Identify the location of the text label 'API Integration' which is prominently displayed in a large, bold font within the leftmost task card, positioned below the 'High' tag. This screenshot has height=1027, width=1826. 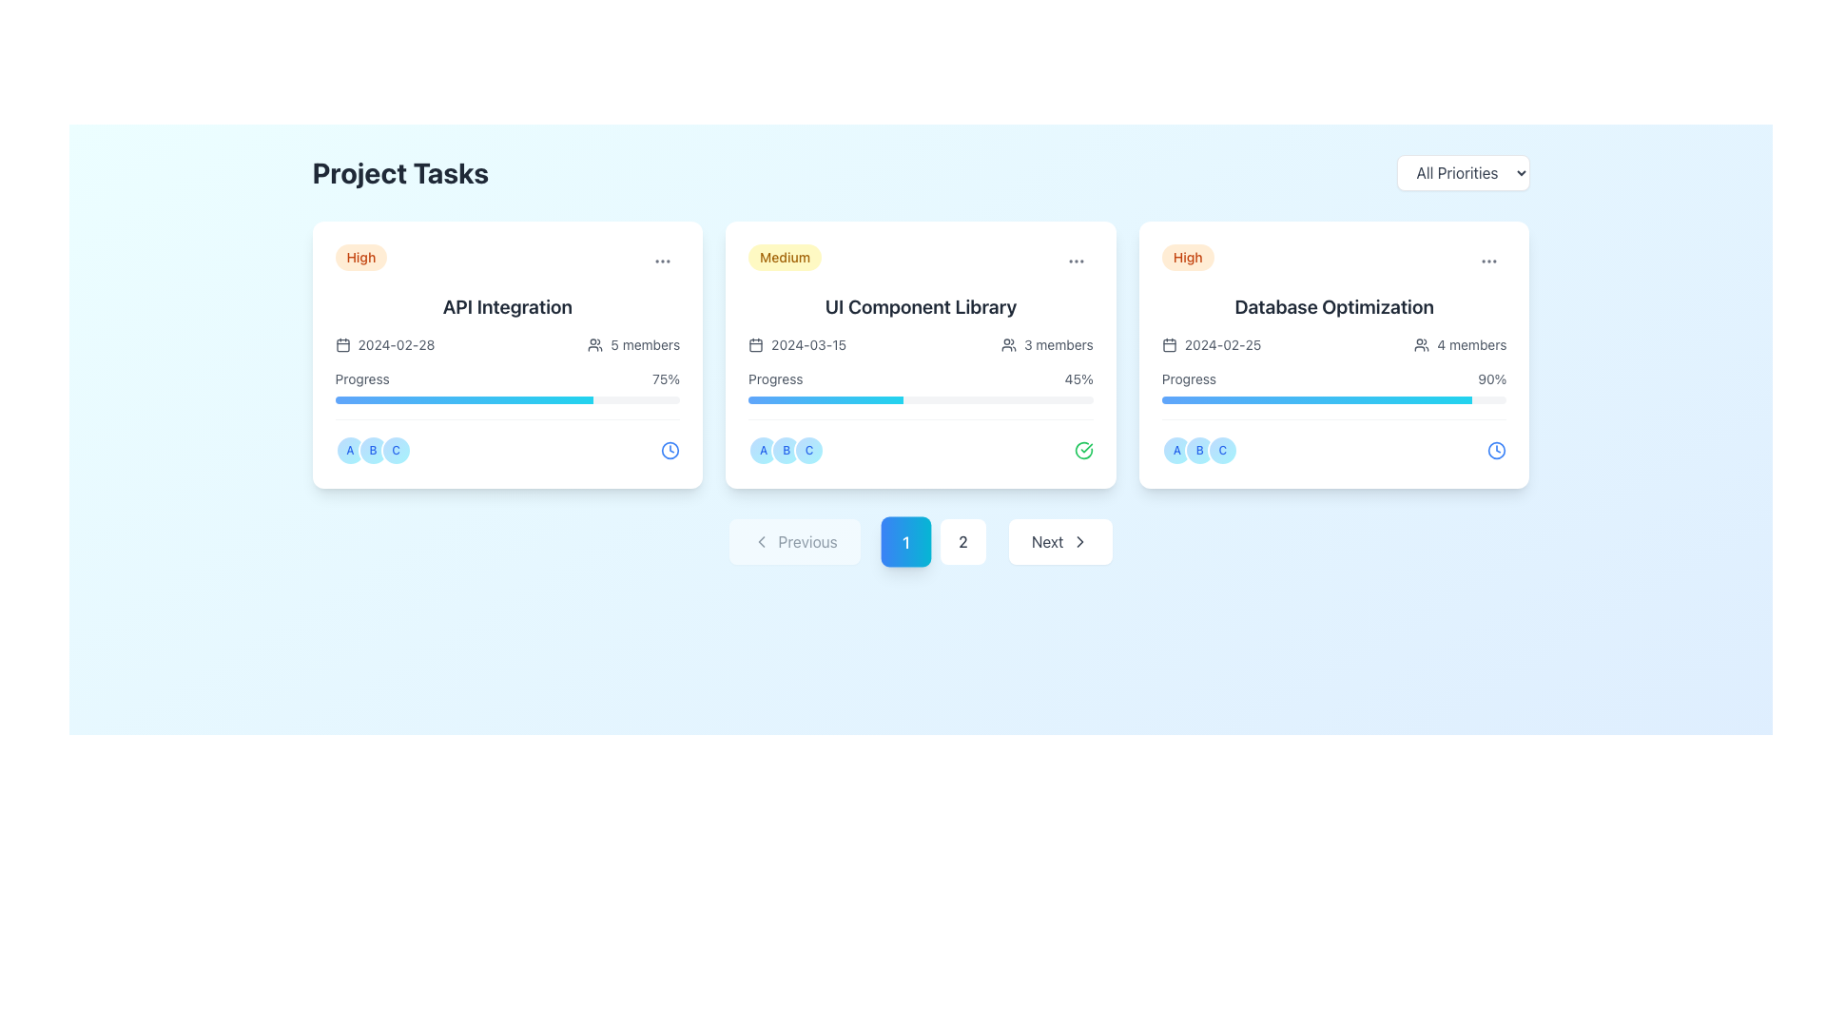
(507, 306).